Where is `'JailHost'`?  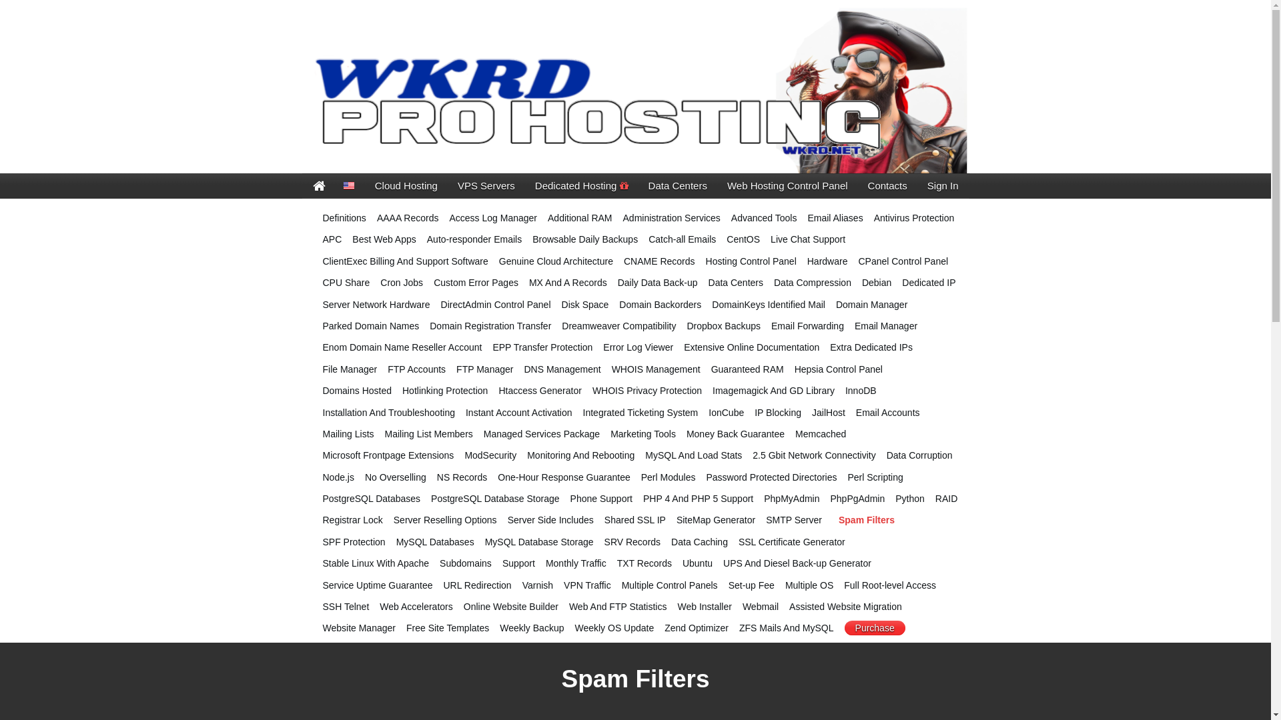 'JailHost' is located at coordinates (828, 411).